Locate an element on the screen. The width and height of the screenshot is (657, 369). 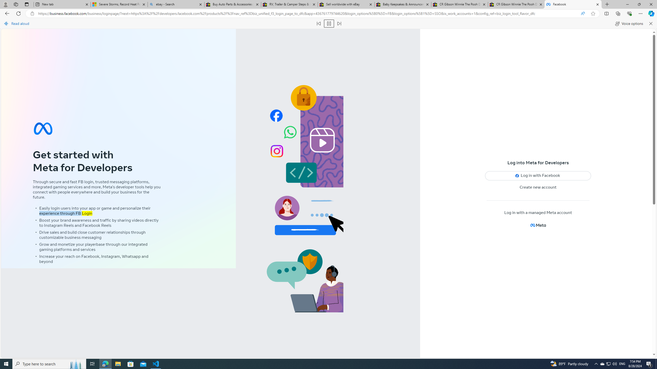
'RV, Trailer & Camper Steps & Ladders for sale | eBay' is located at coordinates (289, 4).